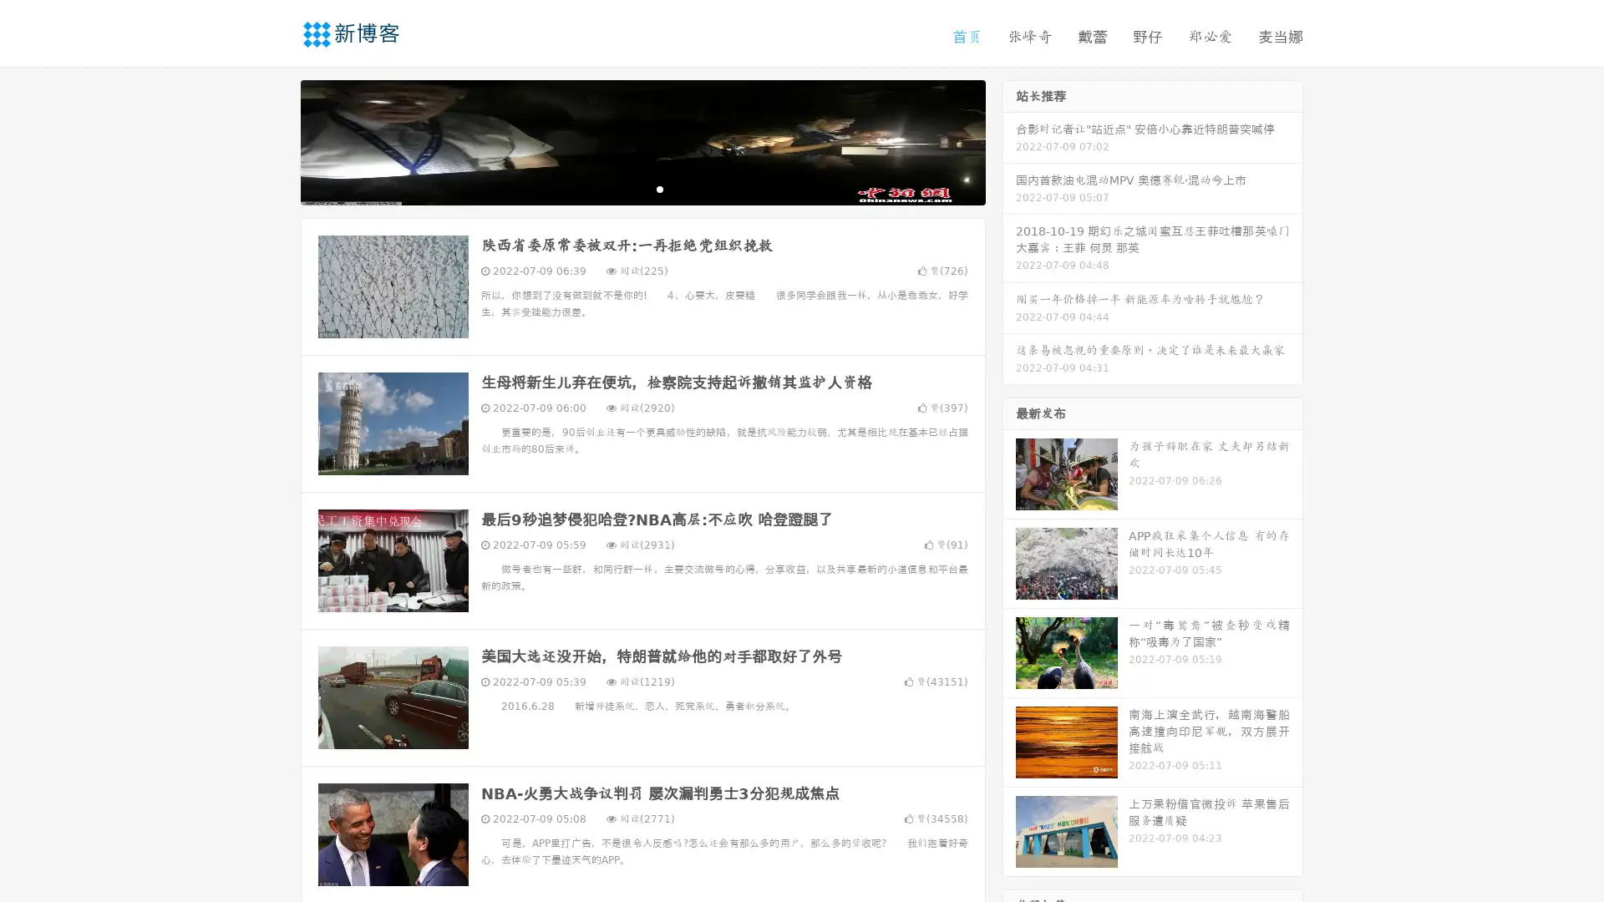 This screenshot has width=1604, height=902. Describe the element at coordinates (659, 188) in the screenshot. I see `Go to slide 3` at that location.